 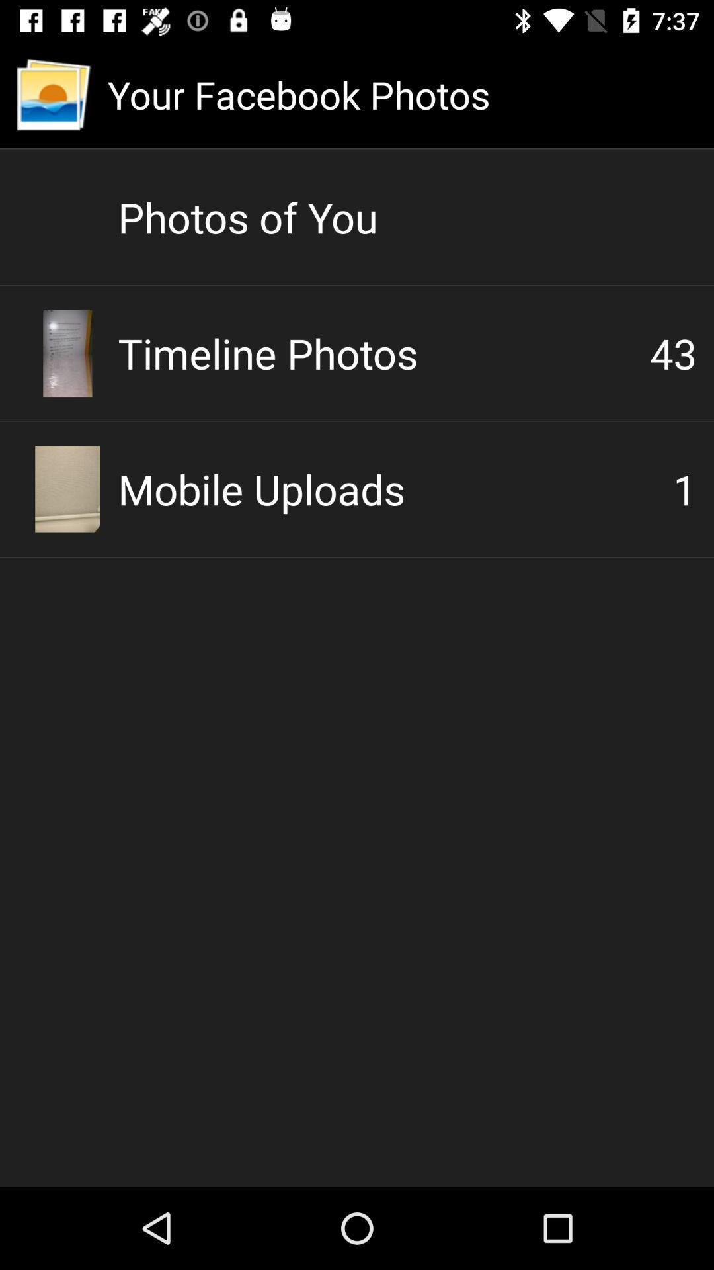 What do you see at coordinates (407, 217) in the screenshot?
I see `photos of you` at bounding box center [407, 217].